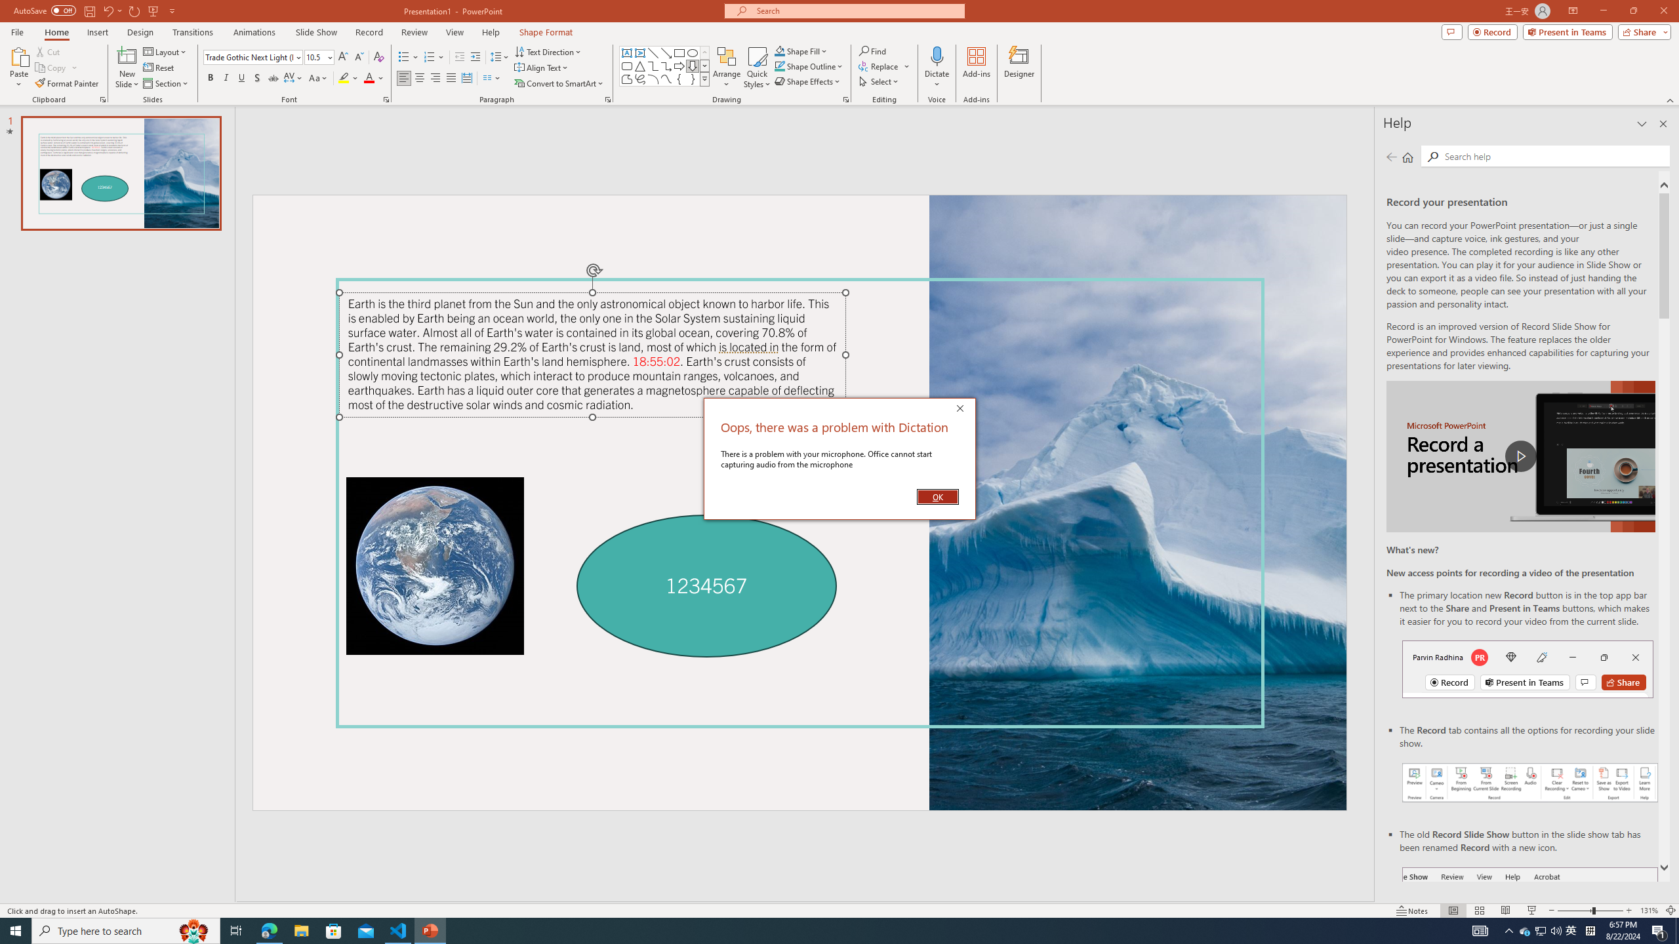  I want to click on 'Zoom to Fit ', so click(1670, 911).